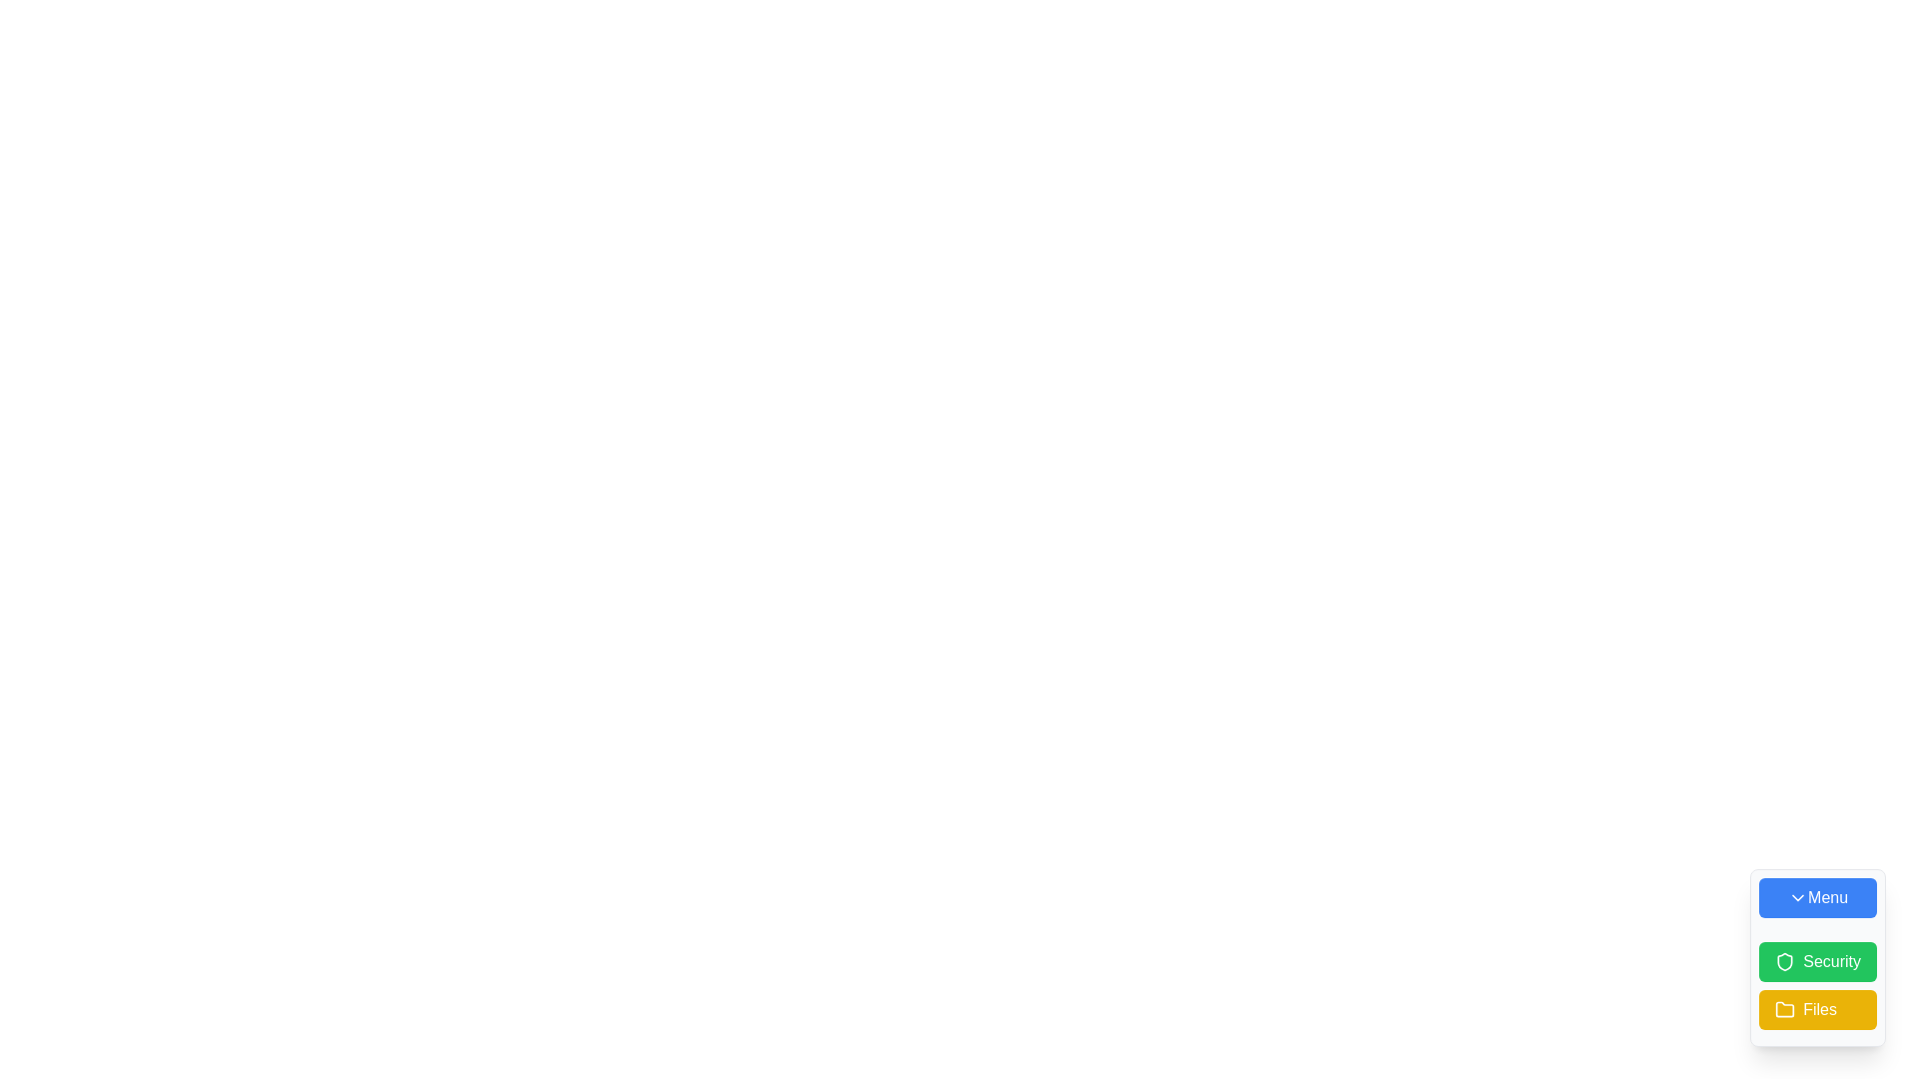 This screenshot has width=1918, height=1079. What do you see at coordinates (1818, 896) in the screenshot?
I see `the 'Menu' button, which has a blue background and white text` at bounding box center [1818, 896].